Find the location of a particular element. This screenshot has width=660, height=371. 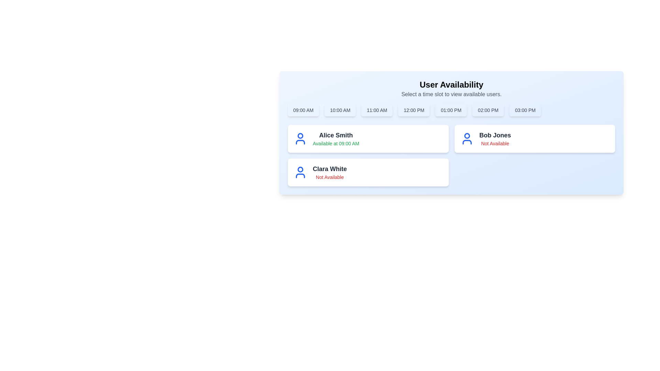

the selectable time slot button labeled '09:00 AM' is located at coordinates (303, 110).